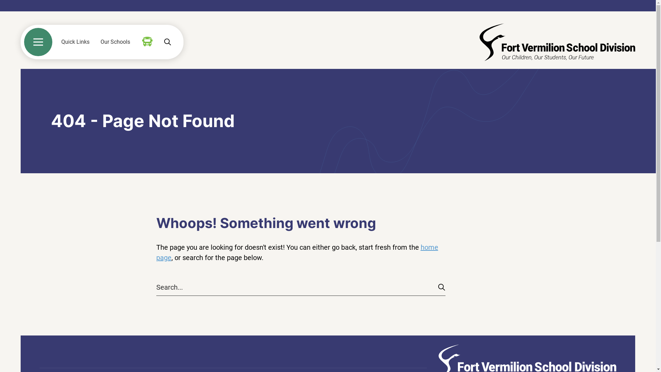 The width and height of the screenshot is (661, 372). I want to click on 'Fort Vermilion School Division', so click(557, 42).